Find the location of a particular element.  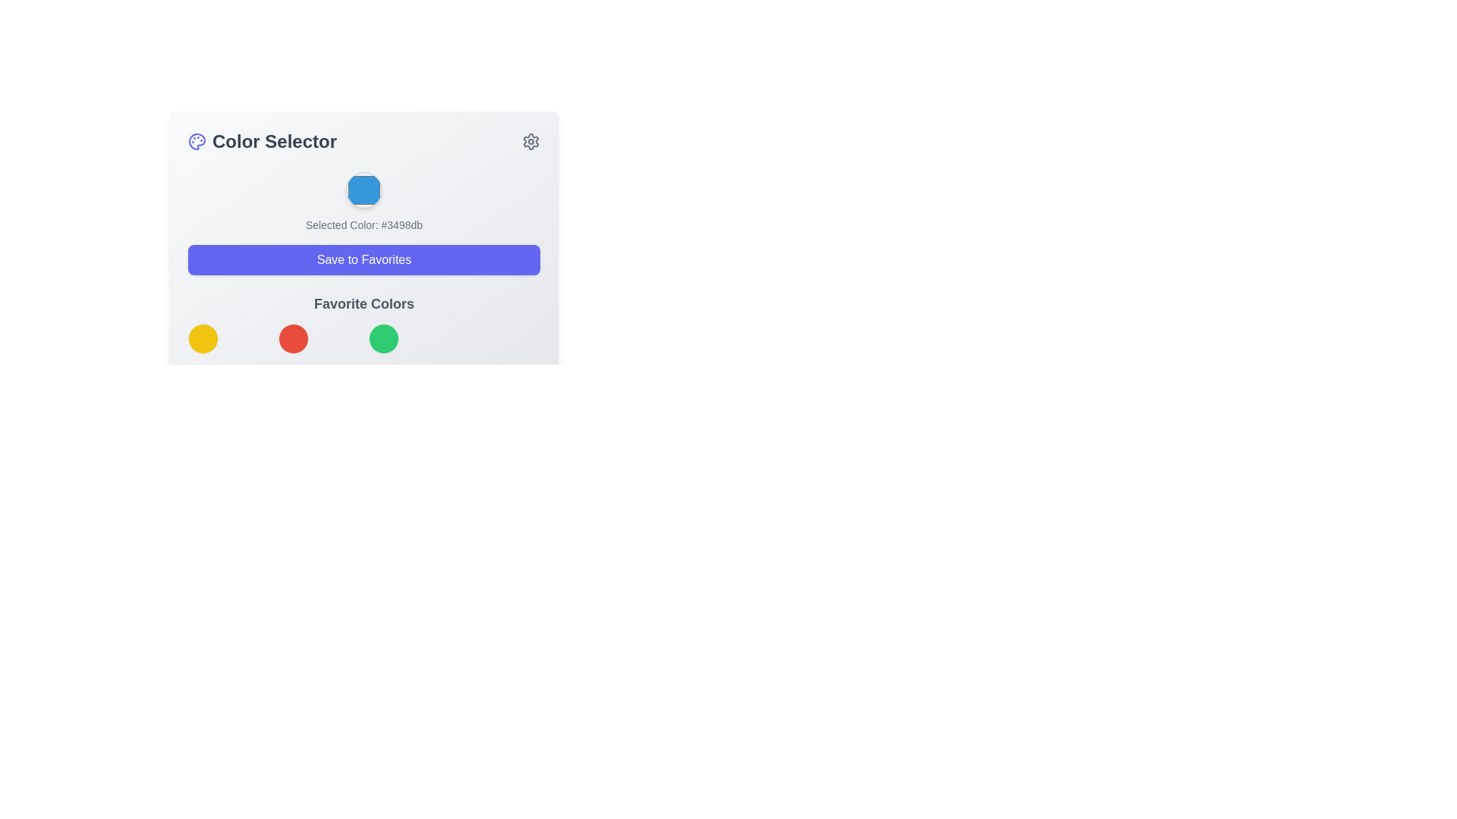

the color palette icon located at the leftmost side of the header area within the 'Color Selector' section, adjacent to the text 'Color Selector' is located at coordinates (196, 141).